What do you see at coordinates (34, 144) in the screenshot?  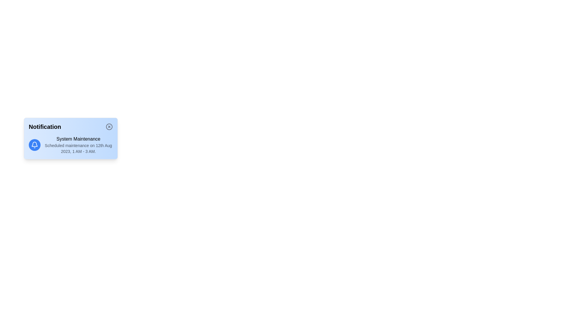 I see `the bottom section of the notification bell icon, which is outlined in white and part of the SVG graphic structure` at bounding box center [34, 144].